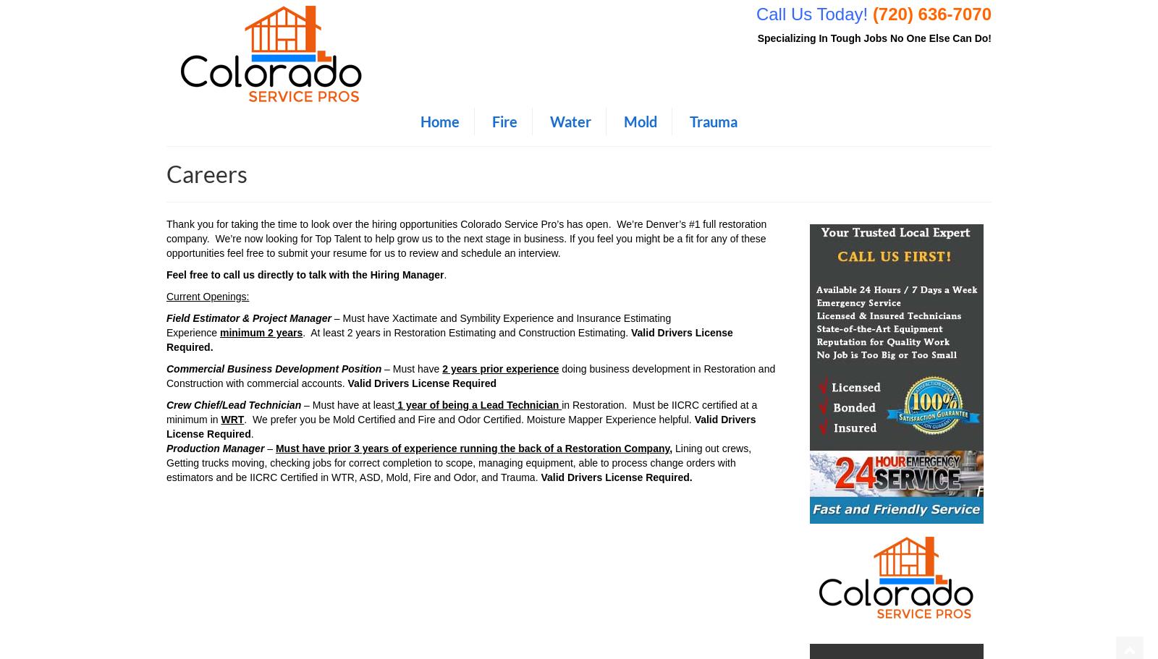 The width and height of the screenshot is (1158, 659). What do you see at coordinates (166, 375) in the screenshot?
I see `'doing business development in Restoration and Construction with commercial accounts.'` at bounding box center [166, 375].